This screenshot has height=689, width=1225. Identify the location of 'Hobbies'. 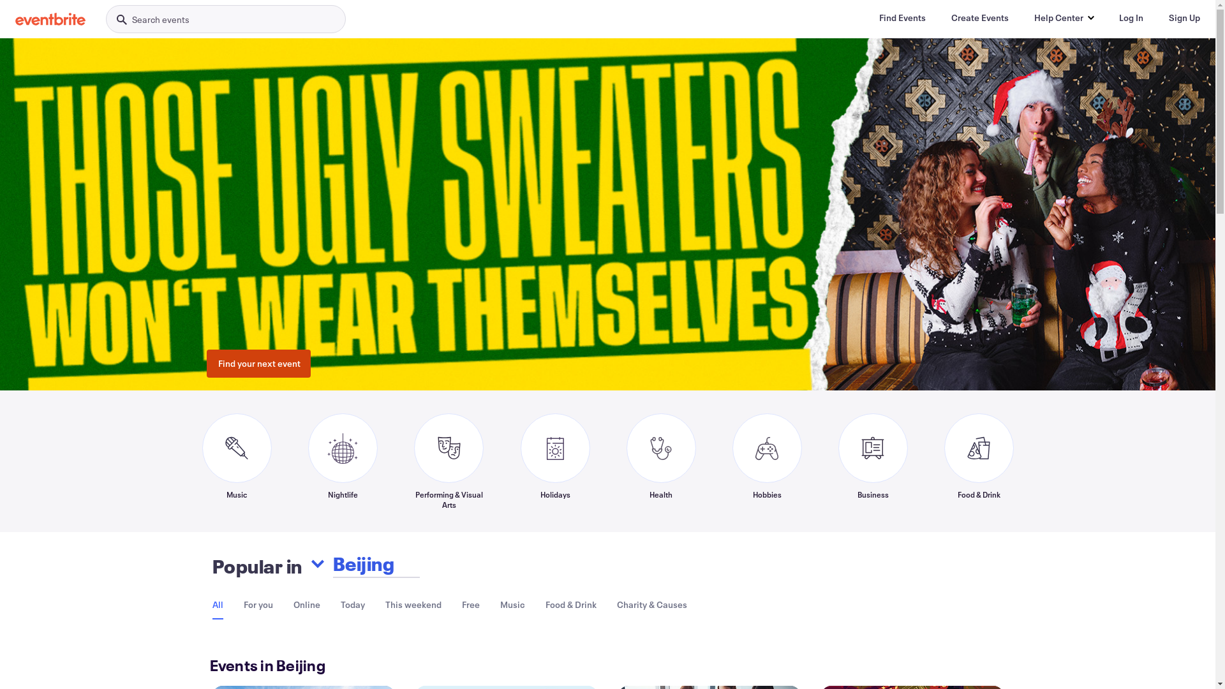
(766, 461).